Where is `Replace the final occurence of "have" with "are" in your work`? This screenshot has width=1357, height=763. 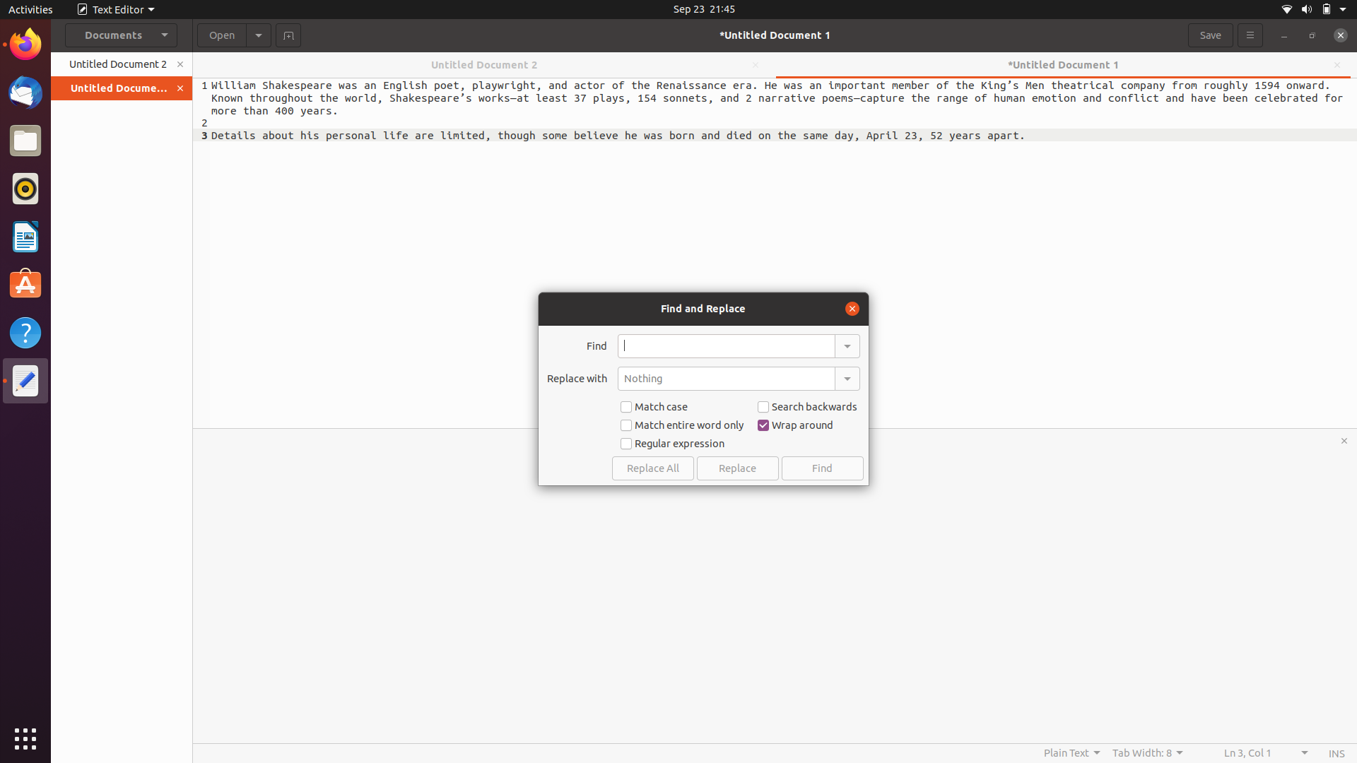
Replace the final occurence of "have" with "are" in your work is located at coordinates (726, 345).